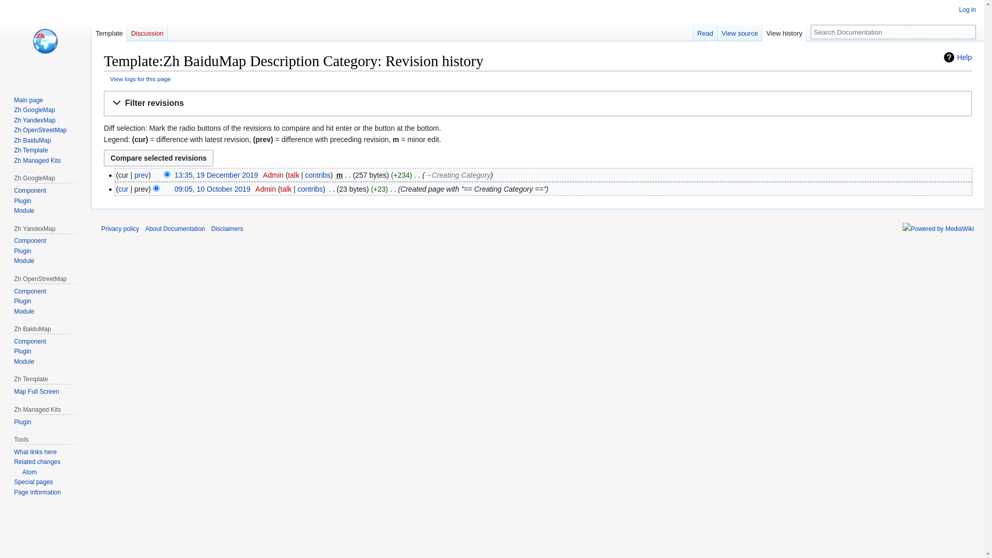 The height and width of the screenshot is (558, 992). What do you see at coordinates (37, 461) in the screenshot?
I see `'Related changes'` at bounding box center [37, 461].